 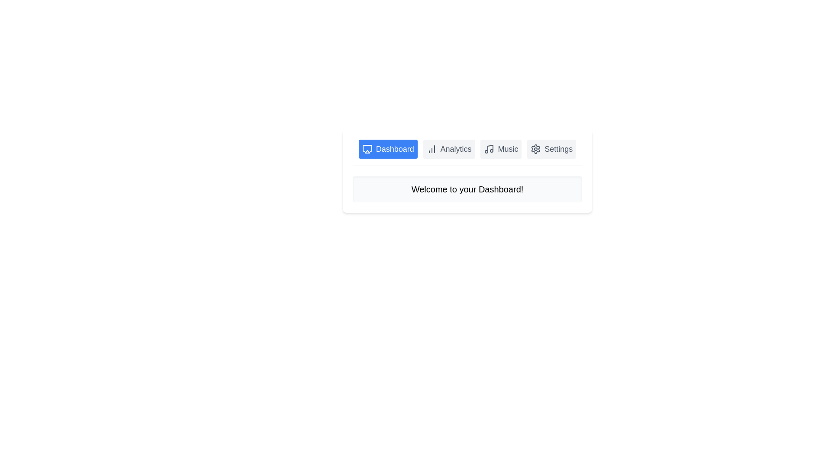 What do you see at coordinates (551, 148) in the screenshot?
I see `the 'Settings' button, which is the fourth button in a horizontal row of buttons located centrally near the top of the interface` at bounding box center [551, 148].